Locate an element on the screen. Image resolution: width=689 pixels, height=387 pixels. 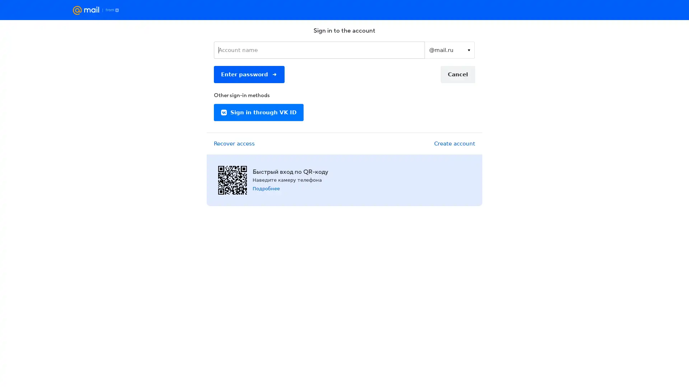
Cancel is located at coordinates (458, 75).